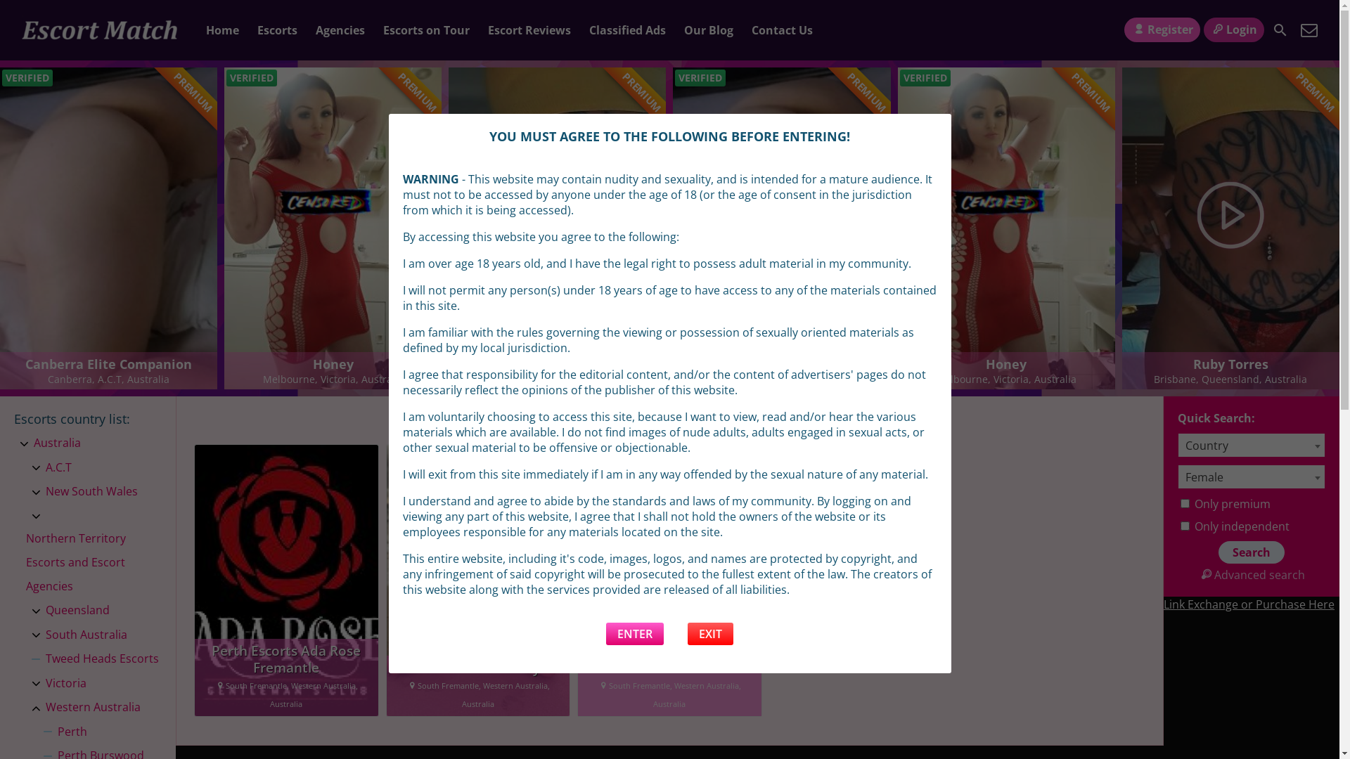  What do you see at coordinates (1162, 30) in the screenshot?
I see `'Register'` at bounding box center [1162, 30].